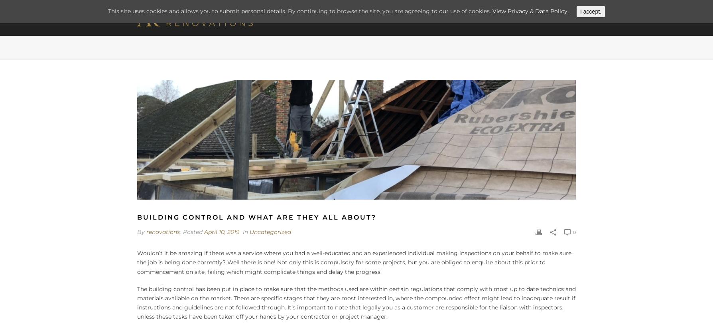  Describe the element at coordinates (591, 11) in the screenshot. I see `'I accept.'` at that location.